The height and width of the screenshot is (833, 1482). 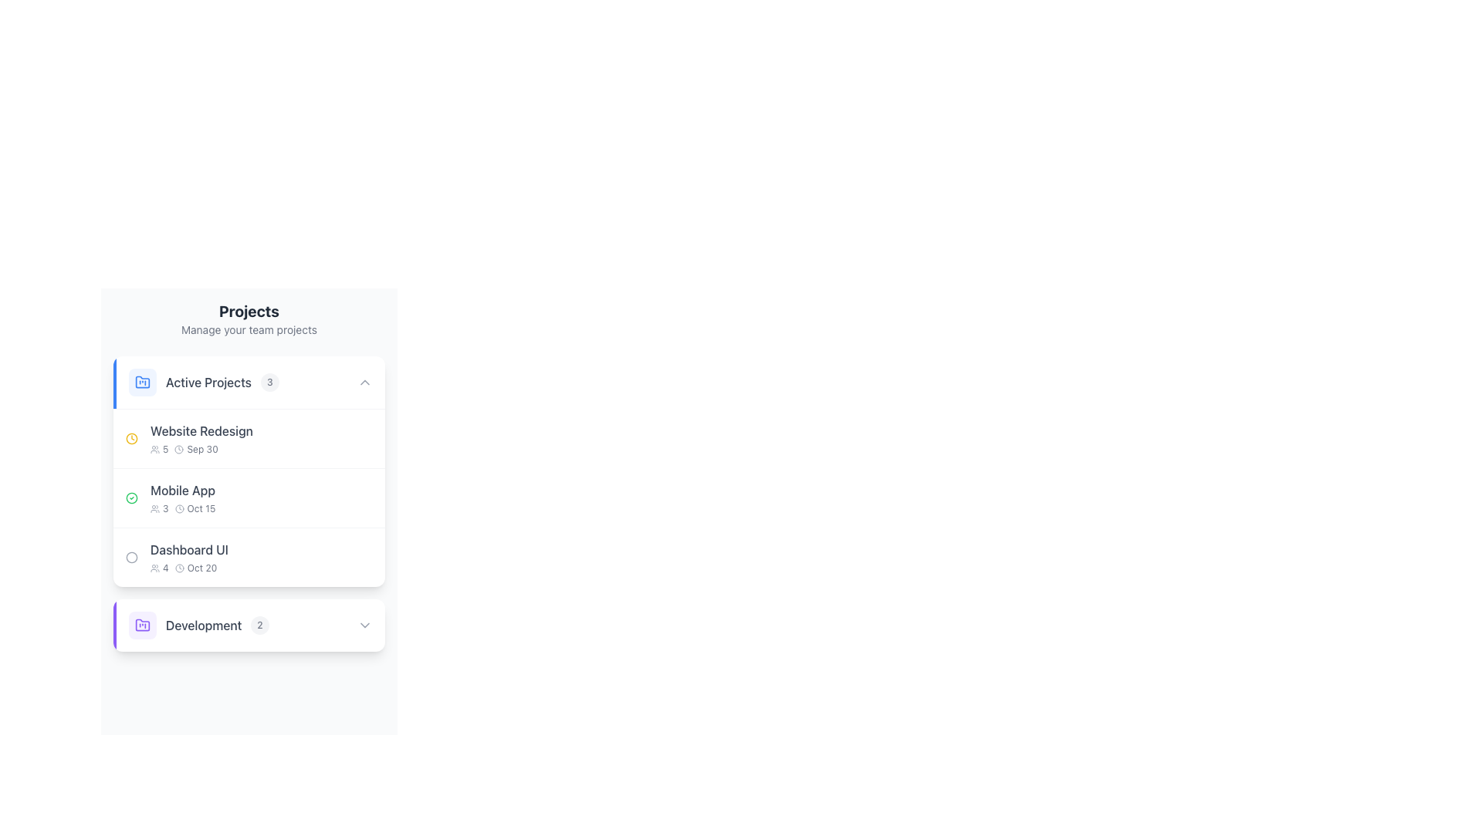 What do you see at coordinates (143, 382) in the screenshot?
I see `the small blue folder-shaped icon located to the left of the 'Active Projects' panel title, which has a classic appearance with a tab and vertical lines indicating document dividers` at bounding box center [143, 382].